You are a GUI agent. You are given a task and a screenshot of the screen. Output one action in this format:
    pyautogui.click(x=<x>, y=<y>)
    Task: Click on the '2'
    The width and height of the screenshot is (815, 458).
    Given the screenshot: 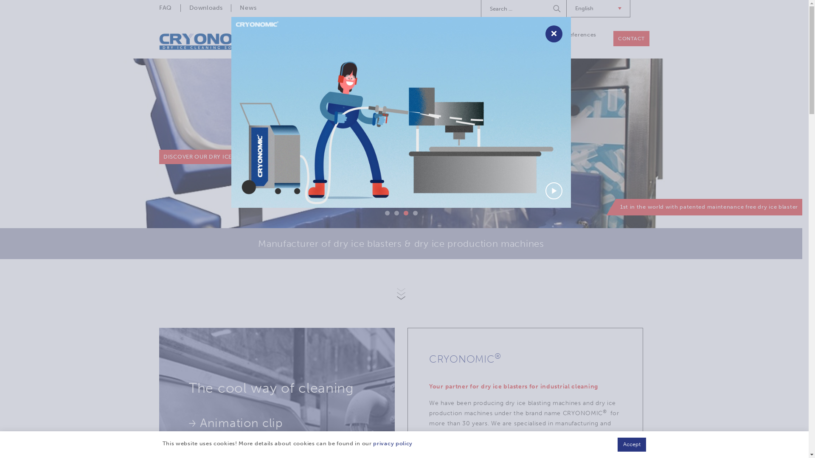 What is the action you would take?
    pyautogui.click(x=396, y=212)
    